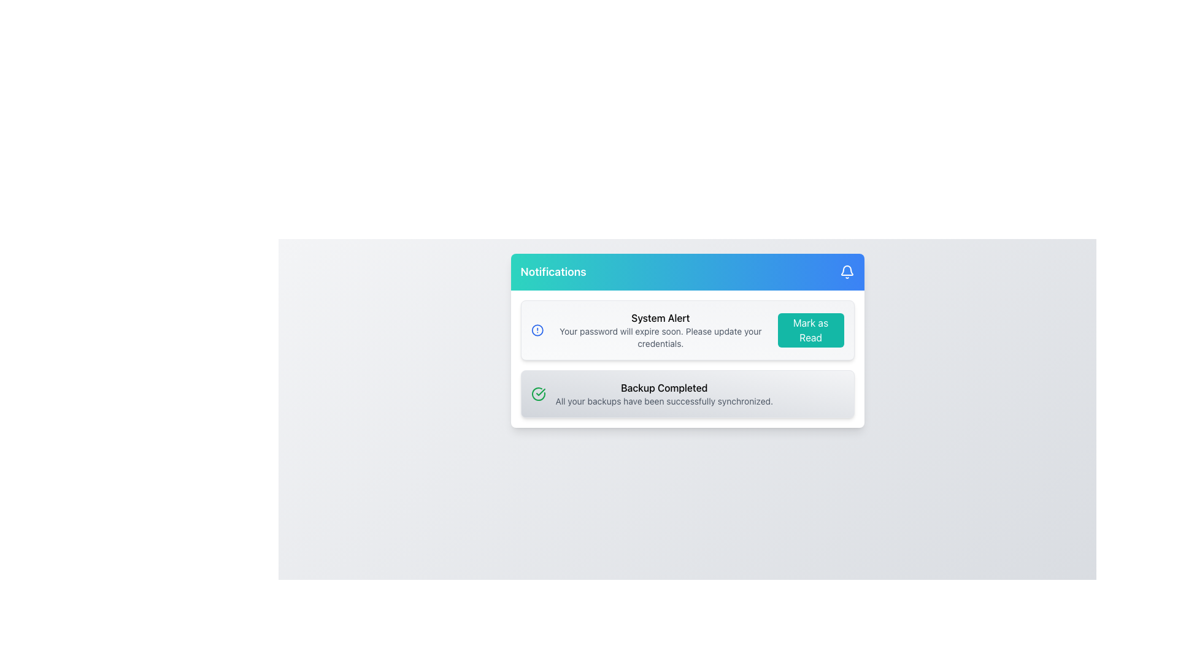  Describe the element at coordinates (663, 401) in the screenshot. I see `information displayed in the text element that indicates the successful synchronization of all backups, located below the 'Backup Completed' heading in the notification interface` at that location.